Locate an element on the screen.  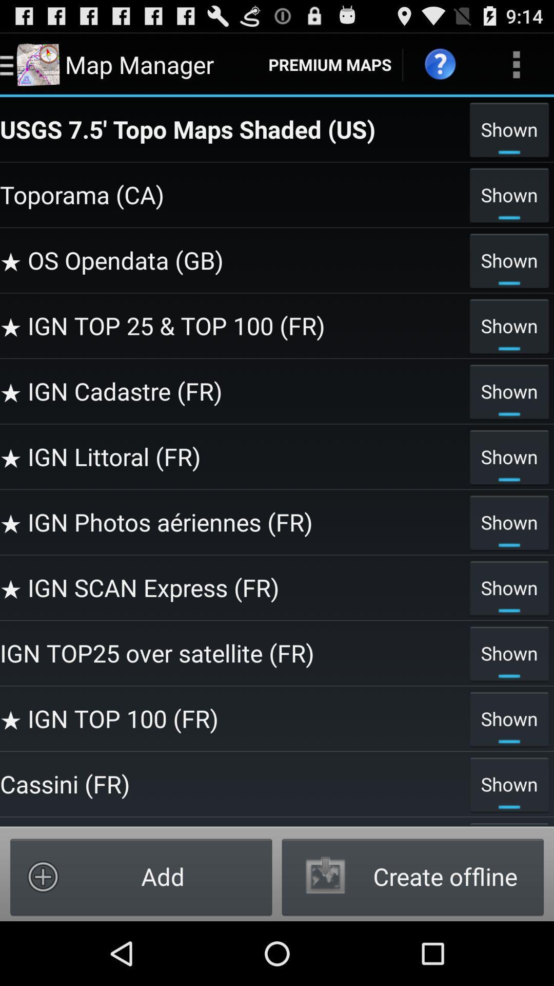
the toporama (ca) icon is located at coordinates (232, 195).